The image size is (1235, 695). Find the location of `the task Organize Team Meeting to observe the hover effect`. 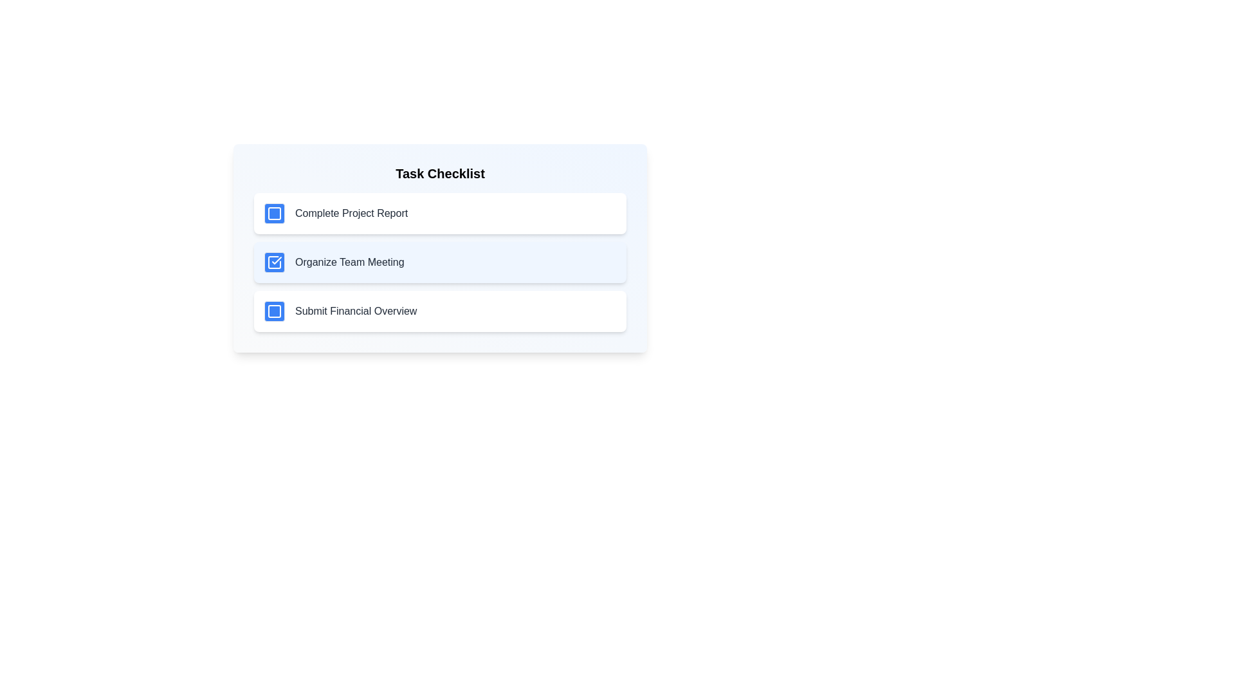

the task Organize Team Meeting to observe the hover effect is located at coordinates (440, 262).